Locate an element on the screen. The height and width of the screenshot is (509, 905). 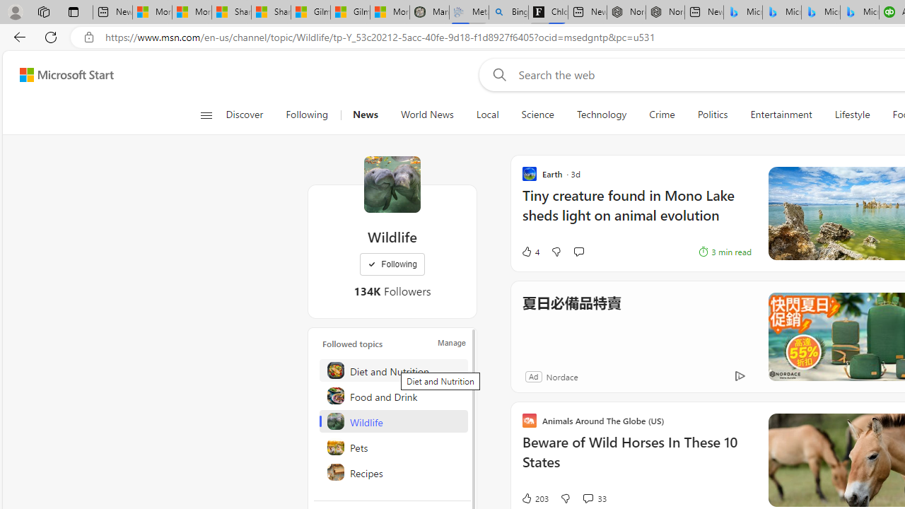
'Technology' is located at coordinates (602, 115).